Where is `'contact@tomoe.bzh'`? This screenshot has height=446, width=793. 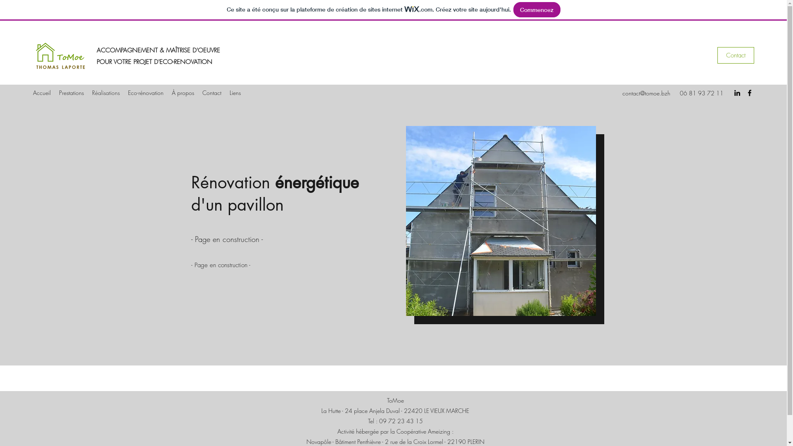
'contact@tomoe.bzh' is located at coordinates (646, 93).